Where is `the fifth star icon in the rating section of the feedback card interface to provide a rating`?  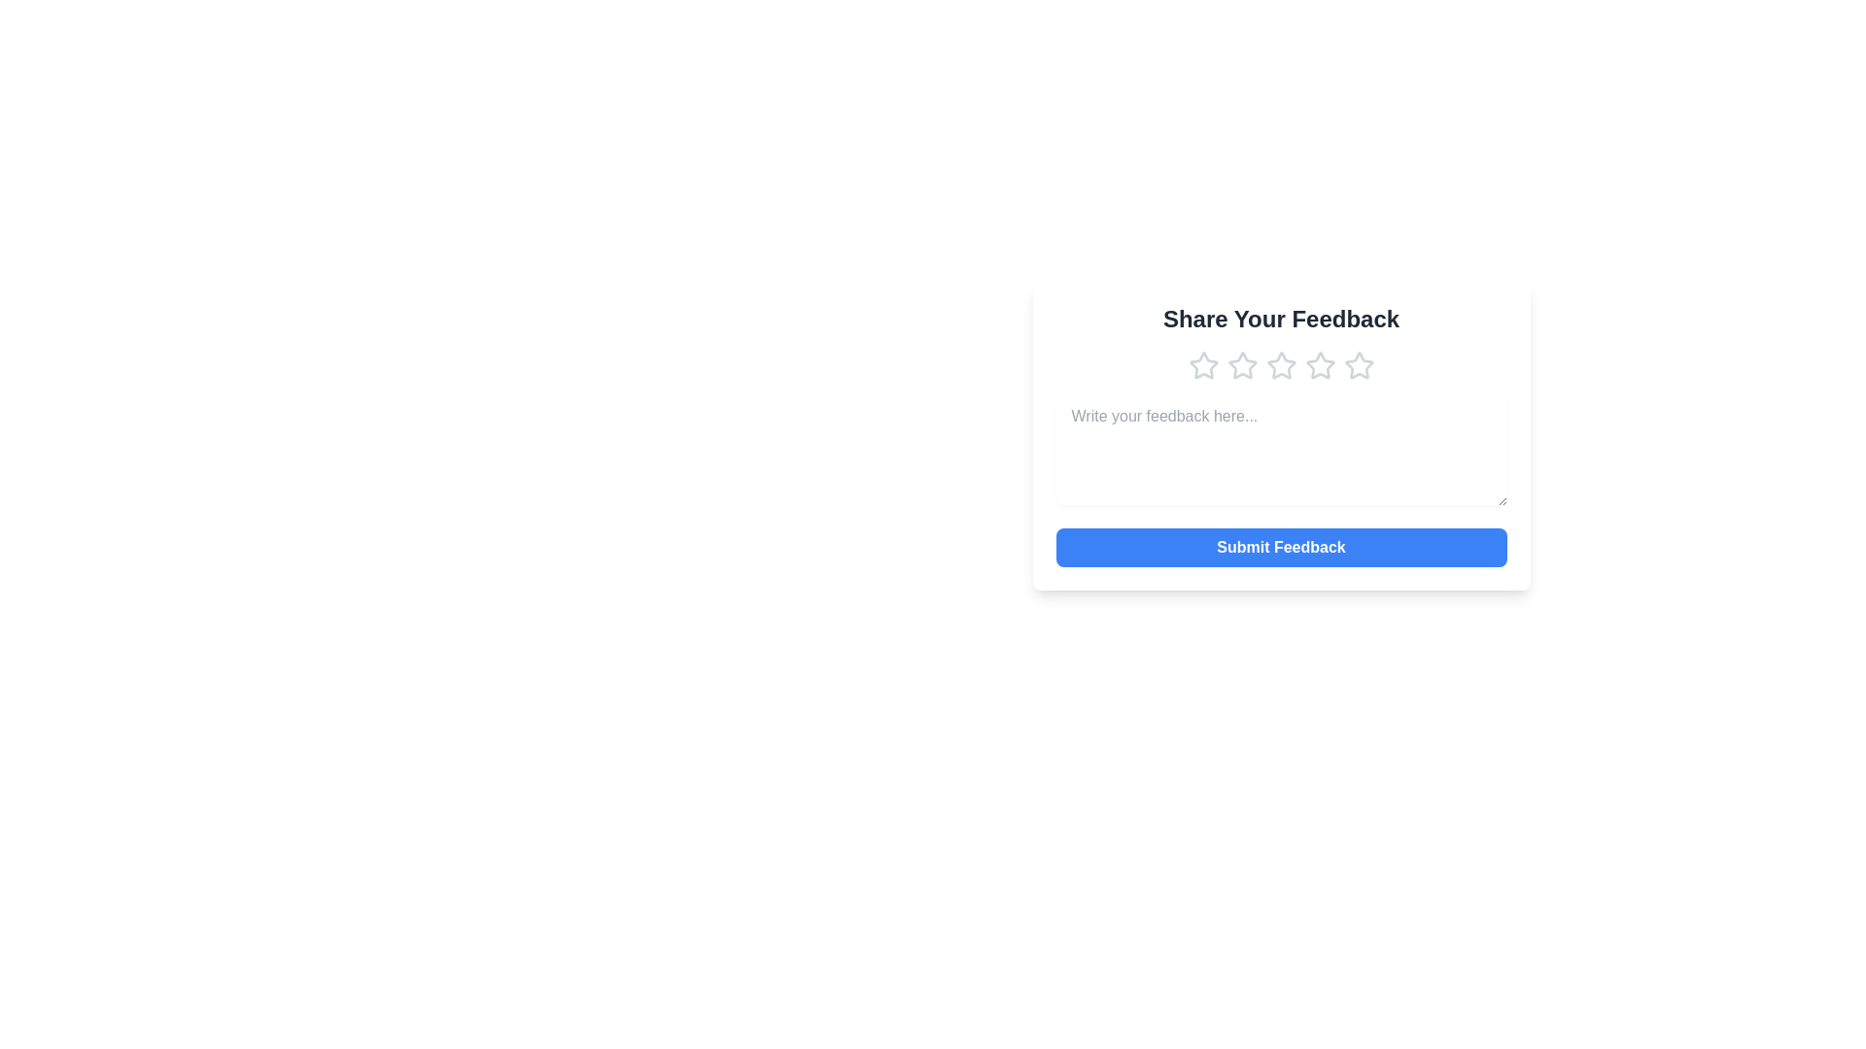 the fifth star icon in the rating section of the feedback card interface to provide a rating is located at coordinates (1357, 364).